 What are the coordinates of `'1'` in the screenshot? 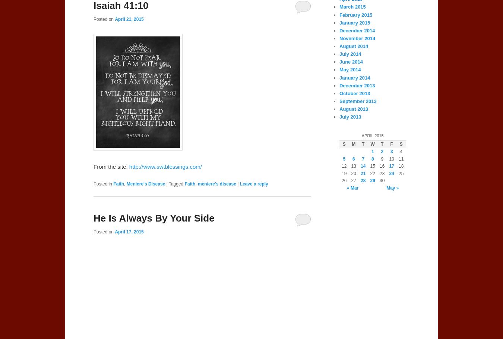 It's located at (372, 152).